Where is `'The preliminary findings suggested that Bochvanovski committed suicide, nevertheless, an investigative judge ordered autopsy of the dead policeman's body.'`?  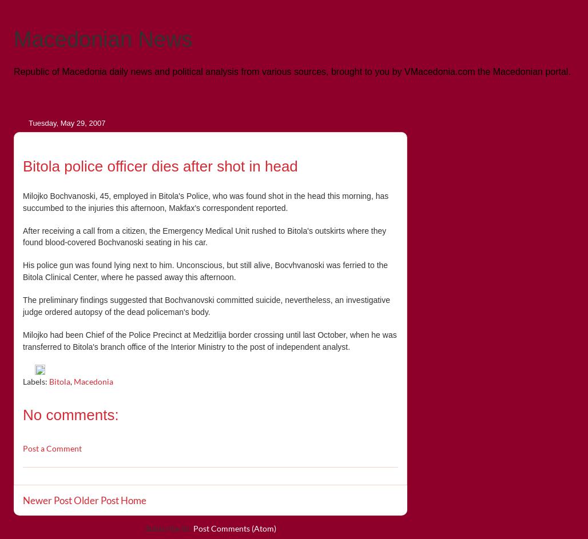
'The preliminary findings suggested that Bochvanovski committed suicide, nevertheless, an investigative judge ordered autopsy of the dead policeman's body.' is located at coordinates (22, 305).